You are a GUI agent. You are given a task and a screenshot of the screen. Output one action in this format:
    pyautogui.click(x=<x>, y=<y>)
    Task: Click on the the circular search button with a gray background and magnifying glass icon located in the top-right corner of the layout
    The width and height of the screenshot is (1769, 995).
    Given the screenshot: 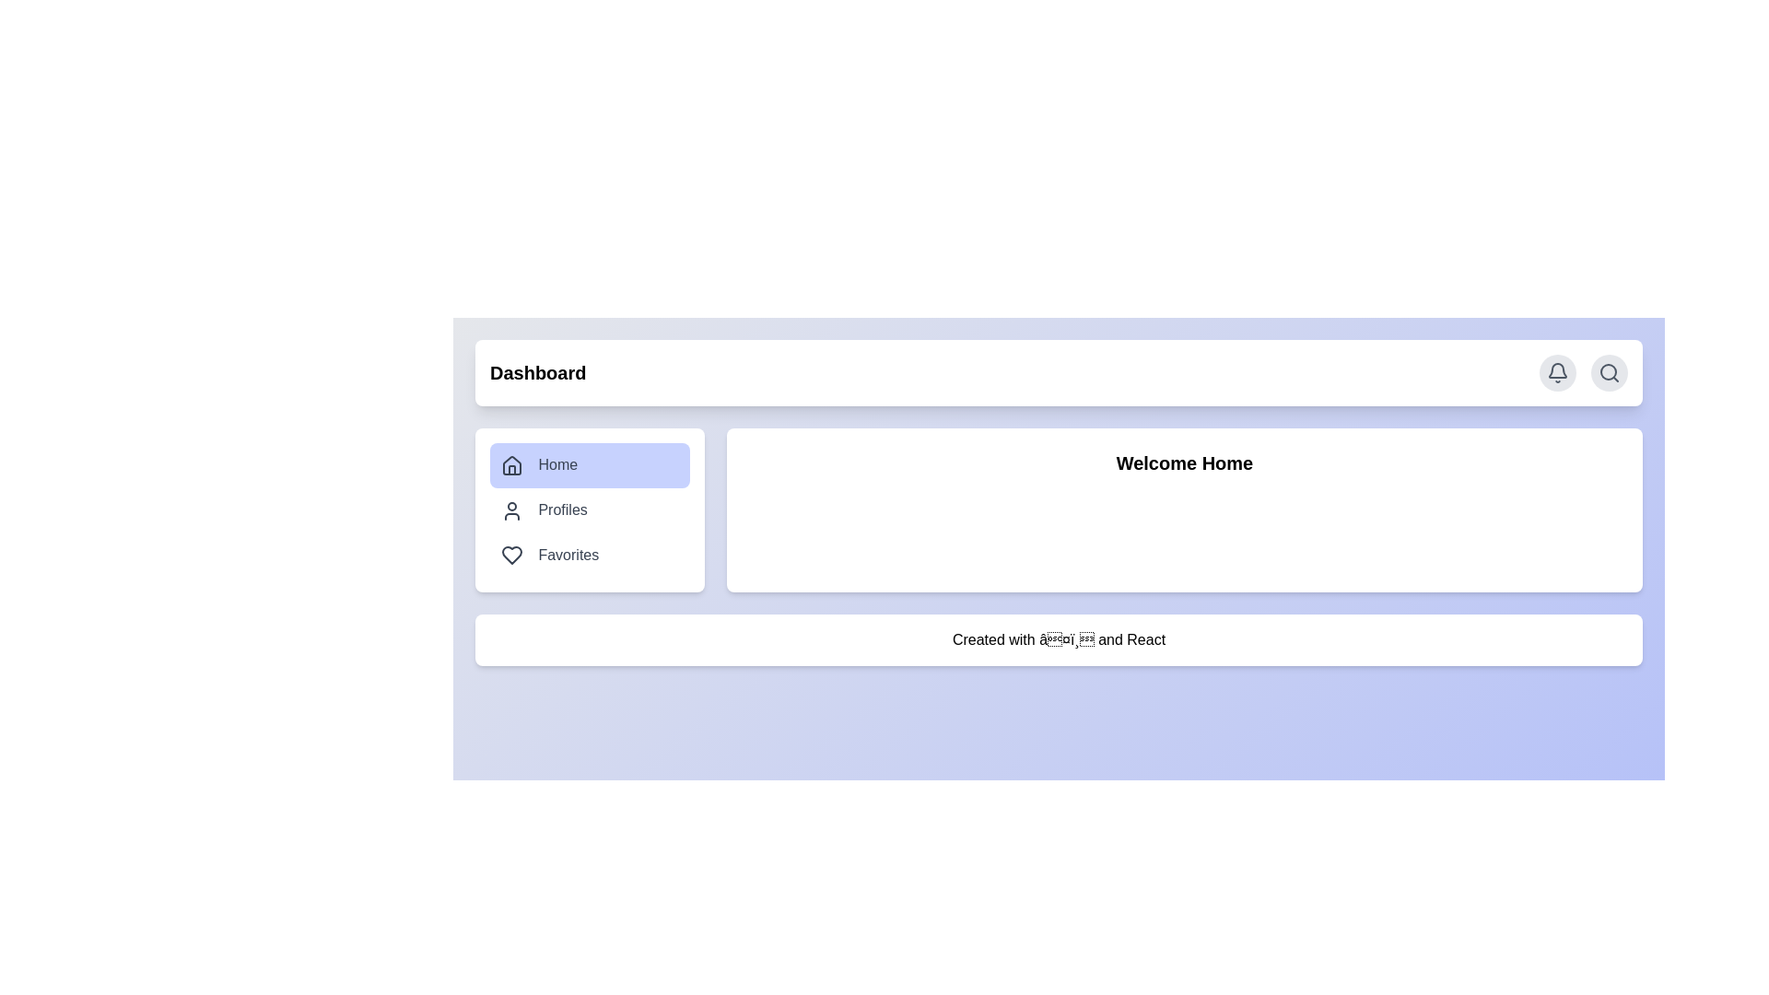 What is the action you would take?
    pyautogui.click(x=1609, y=373)
    